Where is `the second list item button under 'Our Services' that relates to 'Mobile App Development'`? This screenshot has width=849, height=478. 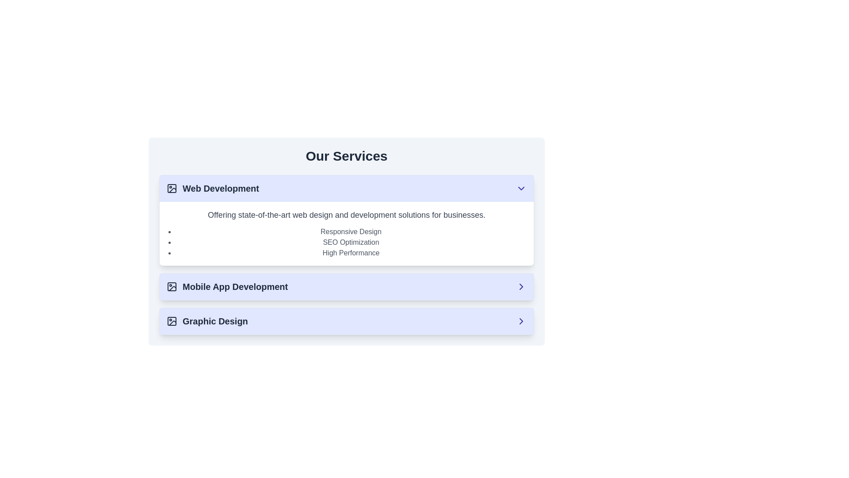 the second list item button under 'Our Services' that relates to 'Mobile App Development' is located at coordinates (346, 287).